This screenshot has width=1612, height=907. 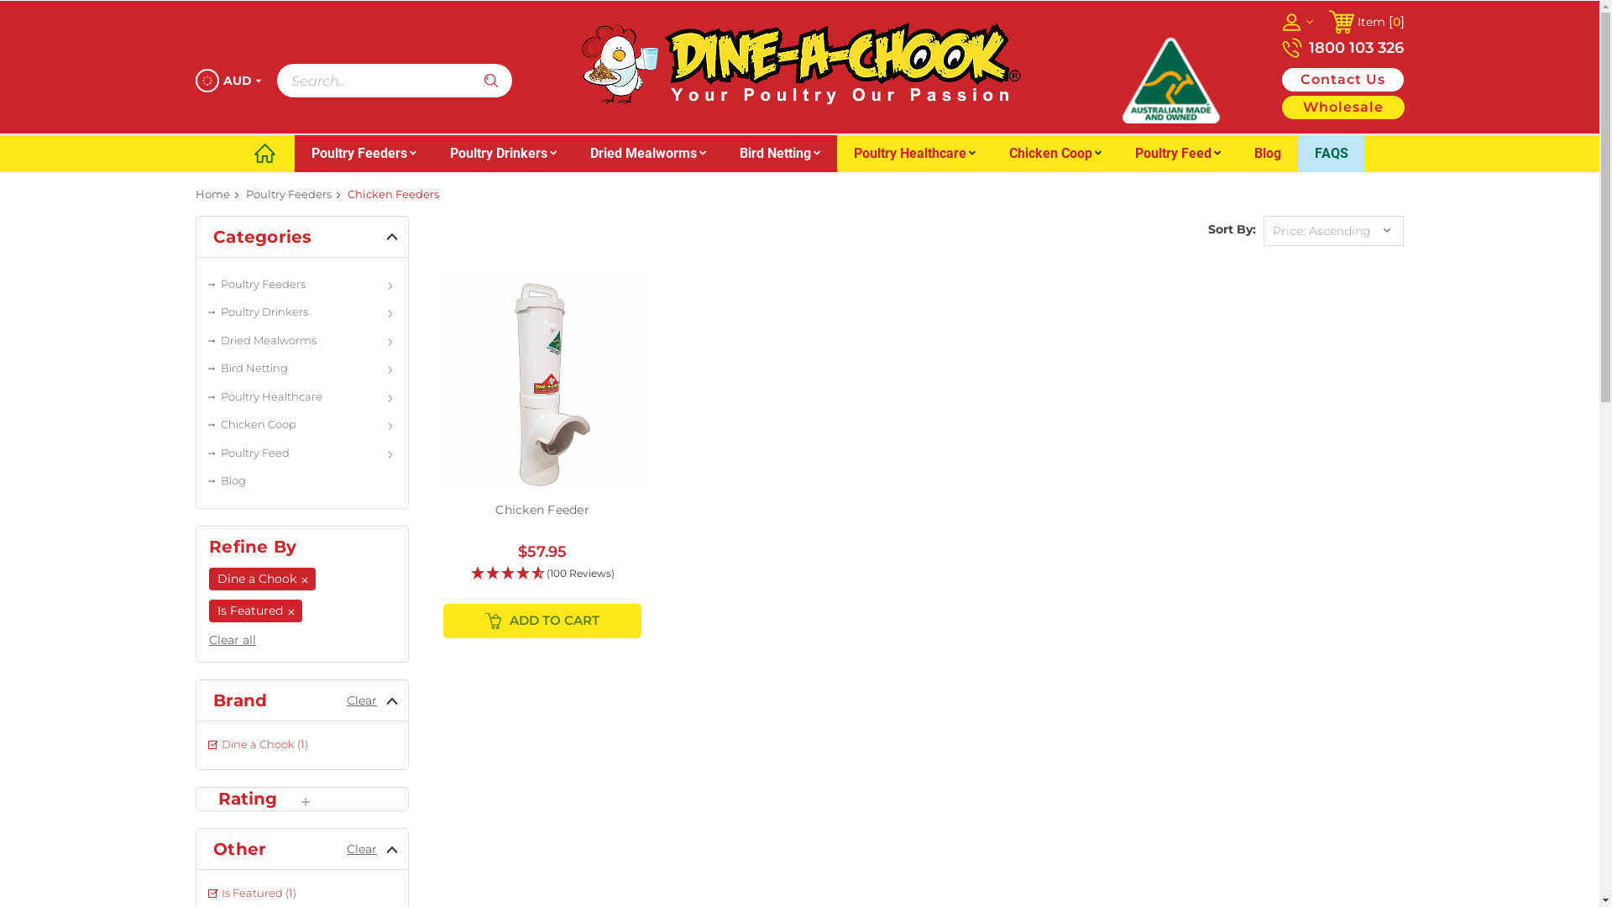 I want to click on 'ADD TO CART', so click(x=542, y=621).